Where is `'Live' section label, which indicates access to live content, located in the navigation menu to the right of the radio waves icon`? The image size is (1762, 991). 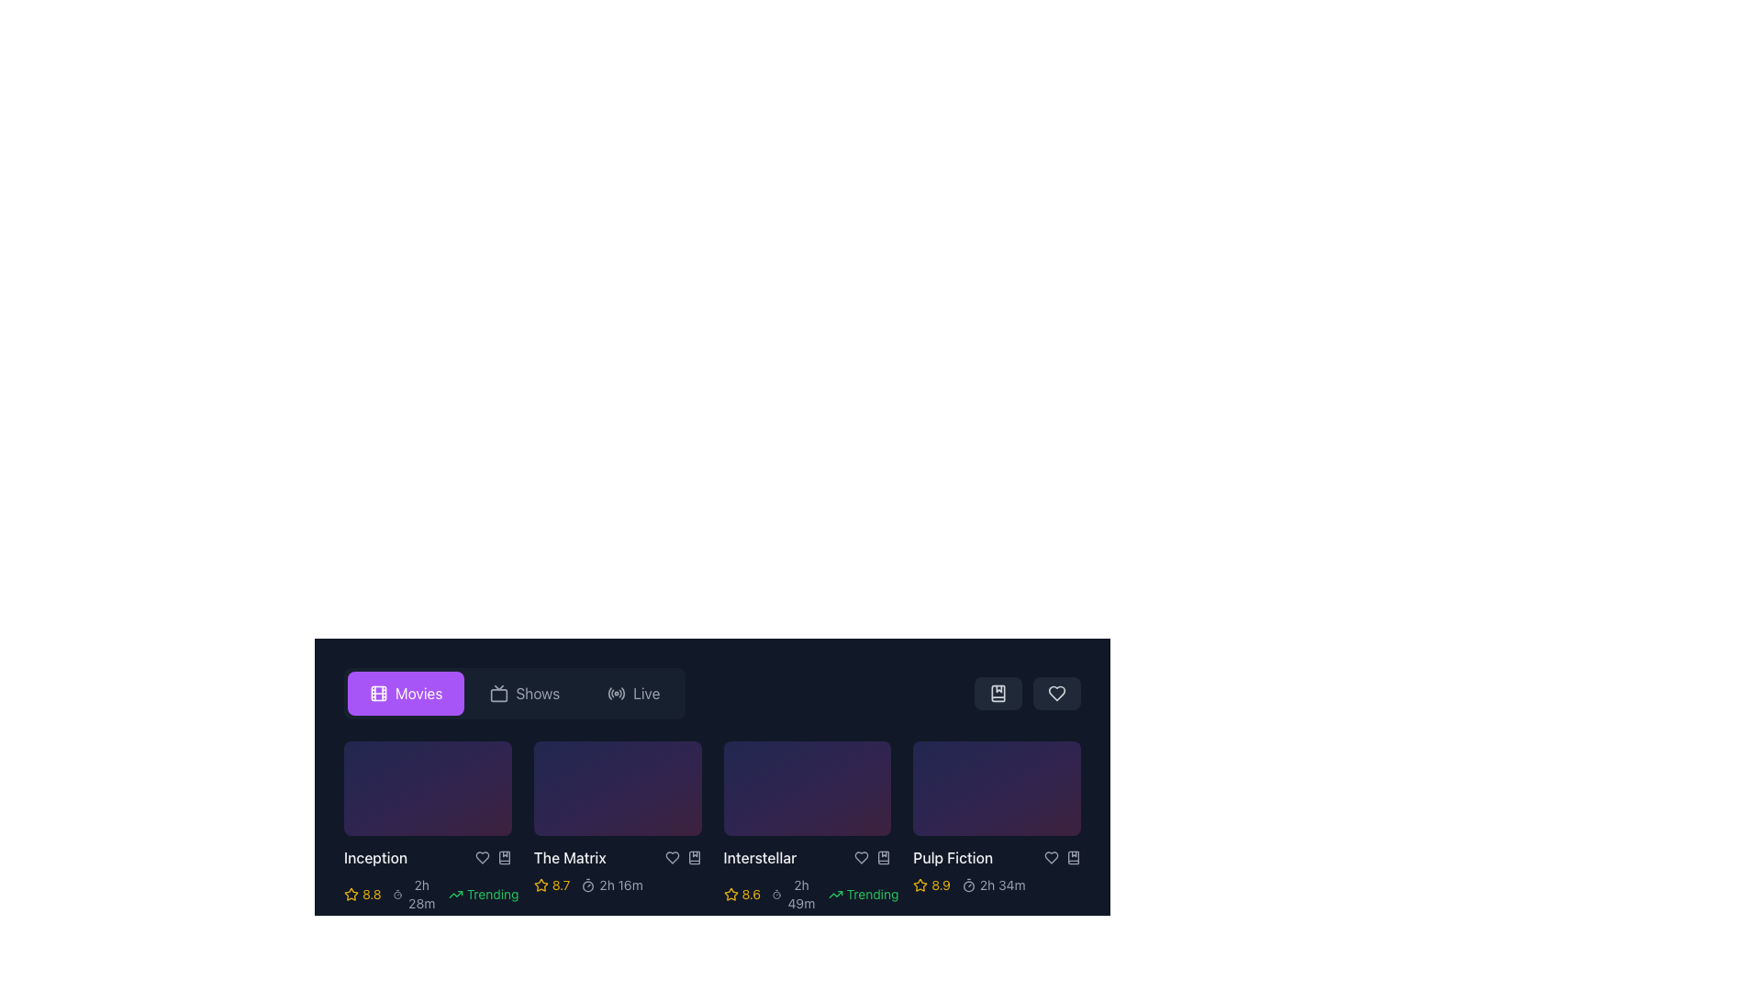
'Live' section label, which indicates access to live content, located in the navigation menu to the right of the radio waves icon is located at coordinates (646, 694).